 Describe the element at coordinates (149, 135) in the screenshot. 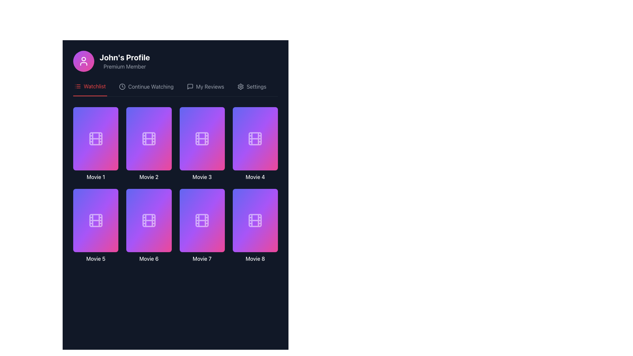

I see `the play icon located in the center of the second movie card in the grid layout, which represents content to be played or previewed` at that location.